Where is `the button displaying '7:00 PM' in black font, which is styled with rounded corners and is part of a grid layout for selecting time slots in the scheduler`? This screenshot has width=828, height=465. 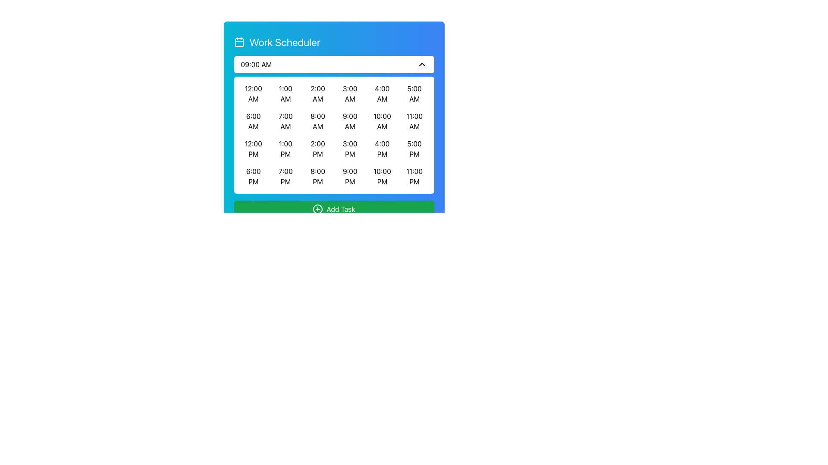
the button displaying '7:00 PM' in black font, which is styled with rounded corners and is part of a grid layout for selecting time slots in the scheduler is located at coordinates (285, 176).